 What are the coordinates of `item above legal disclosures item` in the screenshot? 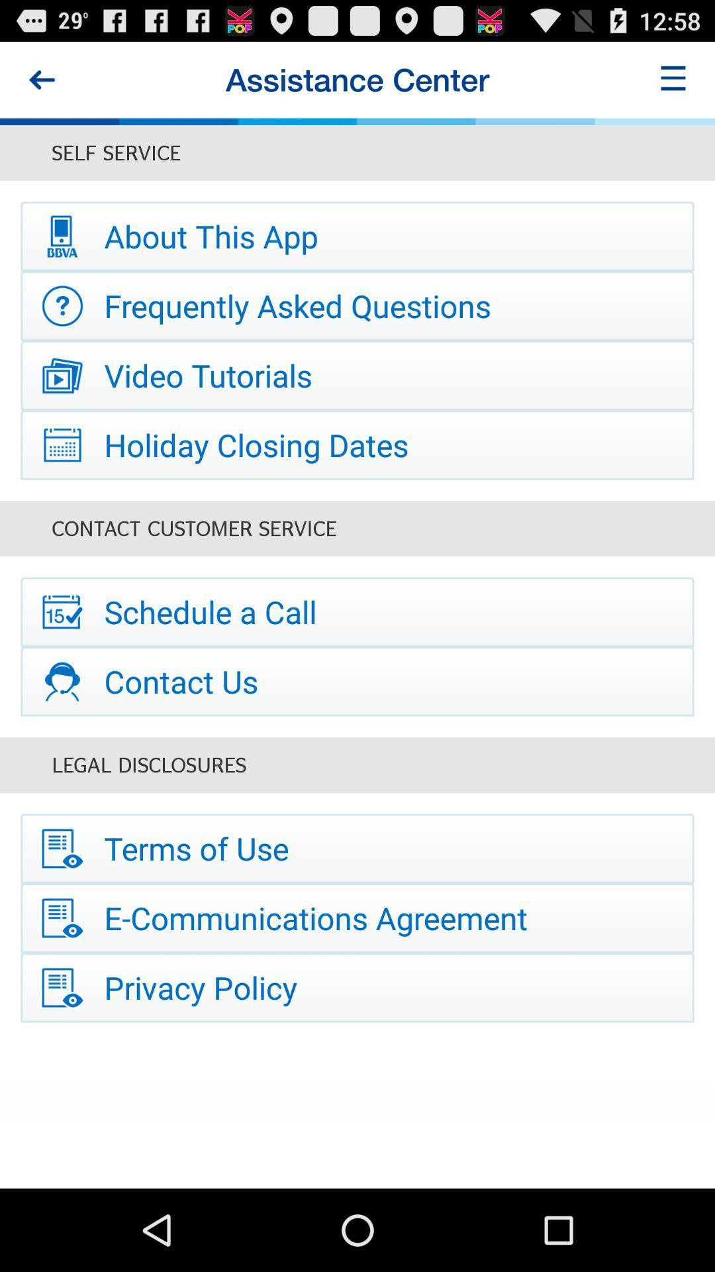 It's located at (358, 681).